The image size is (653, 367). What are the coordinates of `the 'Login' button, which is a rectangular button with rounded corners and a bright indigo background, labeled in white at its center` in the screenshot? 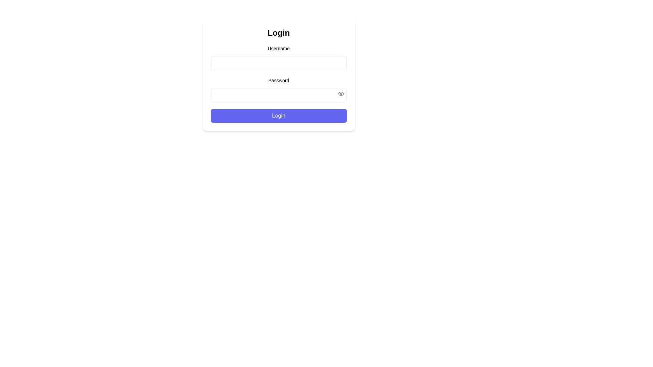 It's located at (279, 115).